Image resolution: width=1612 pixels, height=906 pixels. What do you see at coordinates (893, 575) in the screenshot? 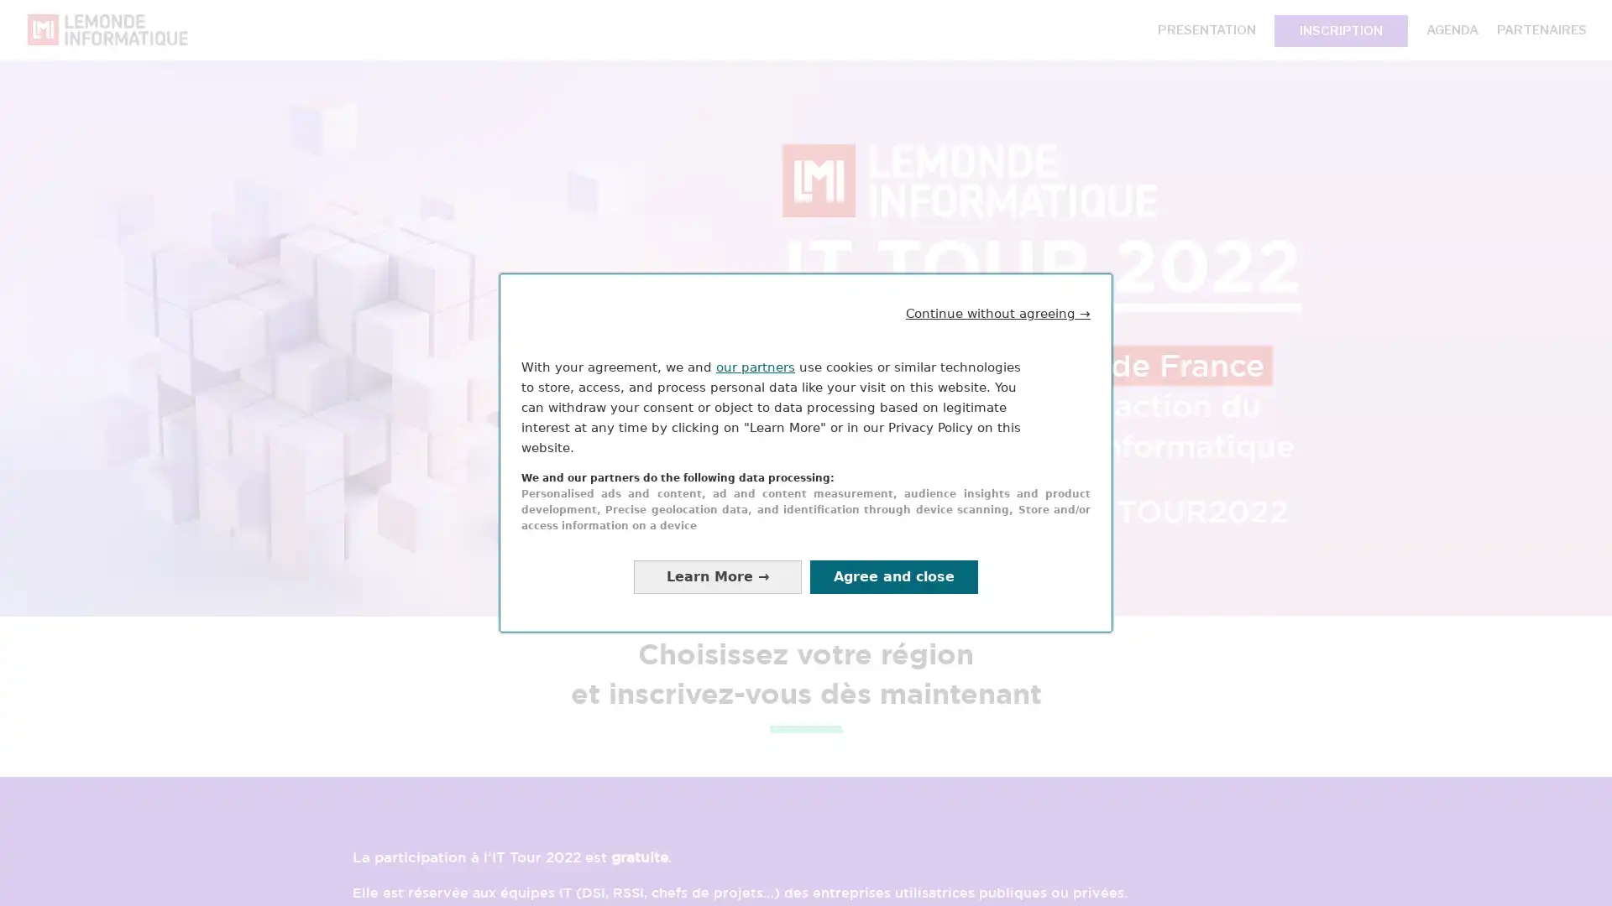
I see `Agree to our data processing and close` at bounding box center [893, 575].